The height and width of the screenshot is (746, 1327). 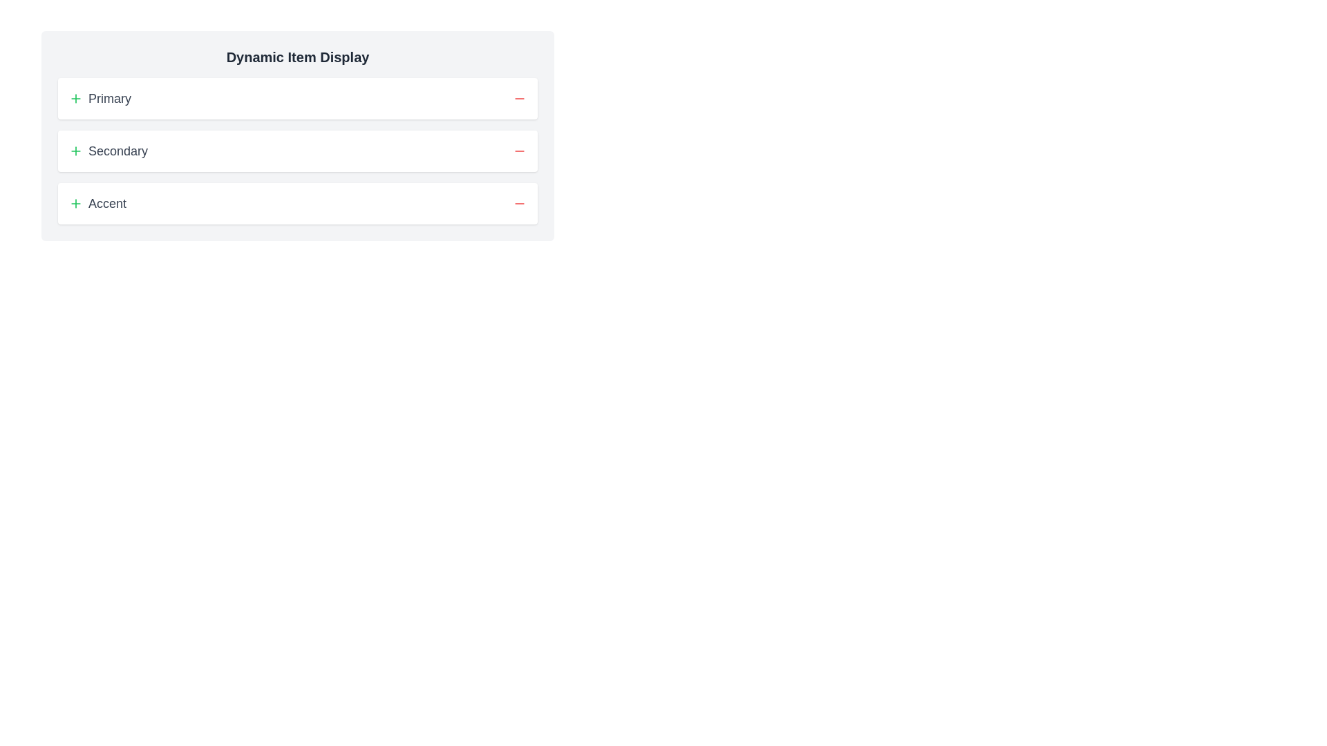 I want to click on the text label positioned below 'Primary' and above 'Accent', serving as a title for its respective section, which is horizontally aligned with the '+' icon, so click(x=118, y=151).